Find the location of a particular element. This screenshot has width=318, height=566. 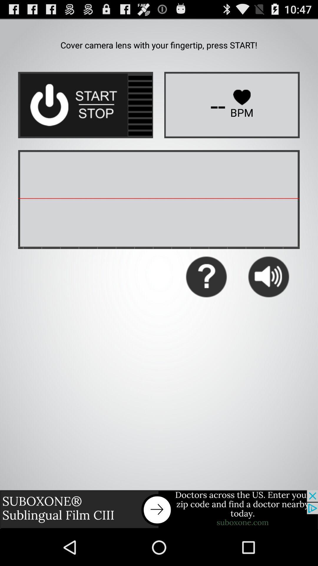

the volume icon is located at coordinates (268, 296).